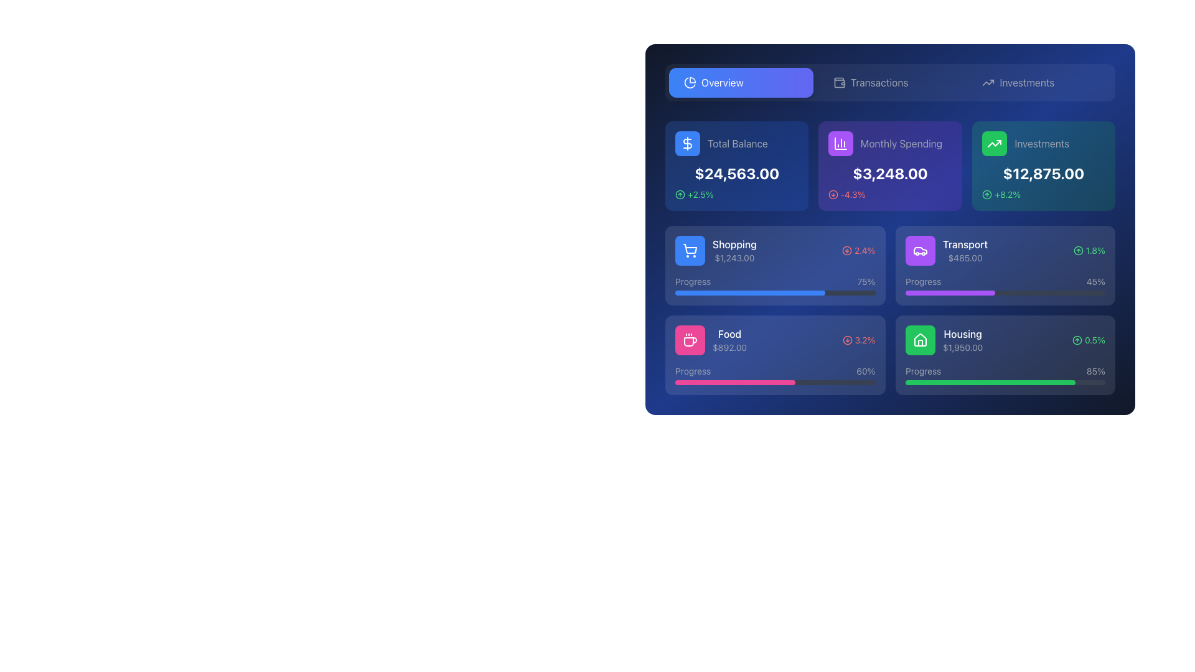 Image resolution: width=1195 pixels, height=672 pixels. Describe the element at coordinates (993, 143) in the screenshot. I see `the green Icon button indicating financial growth, located at the top-right corner of the 'Investments' card, adjacent to the numerical data and the label 'Investments'` at that location.